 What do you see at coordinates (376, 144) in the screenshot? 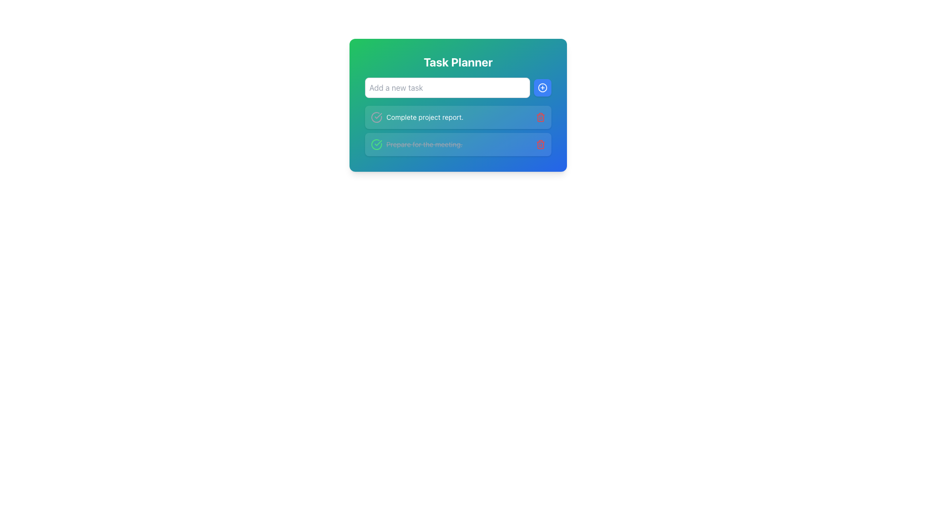
I see `the green circular checkmark icon next to the strikethrough text 'Prepare for the meeting.'` at bounding box center [376, 144].